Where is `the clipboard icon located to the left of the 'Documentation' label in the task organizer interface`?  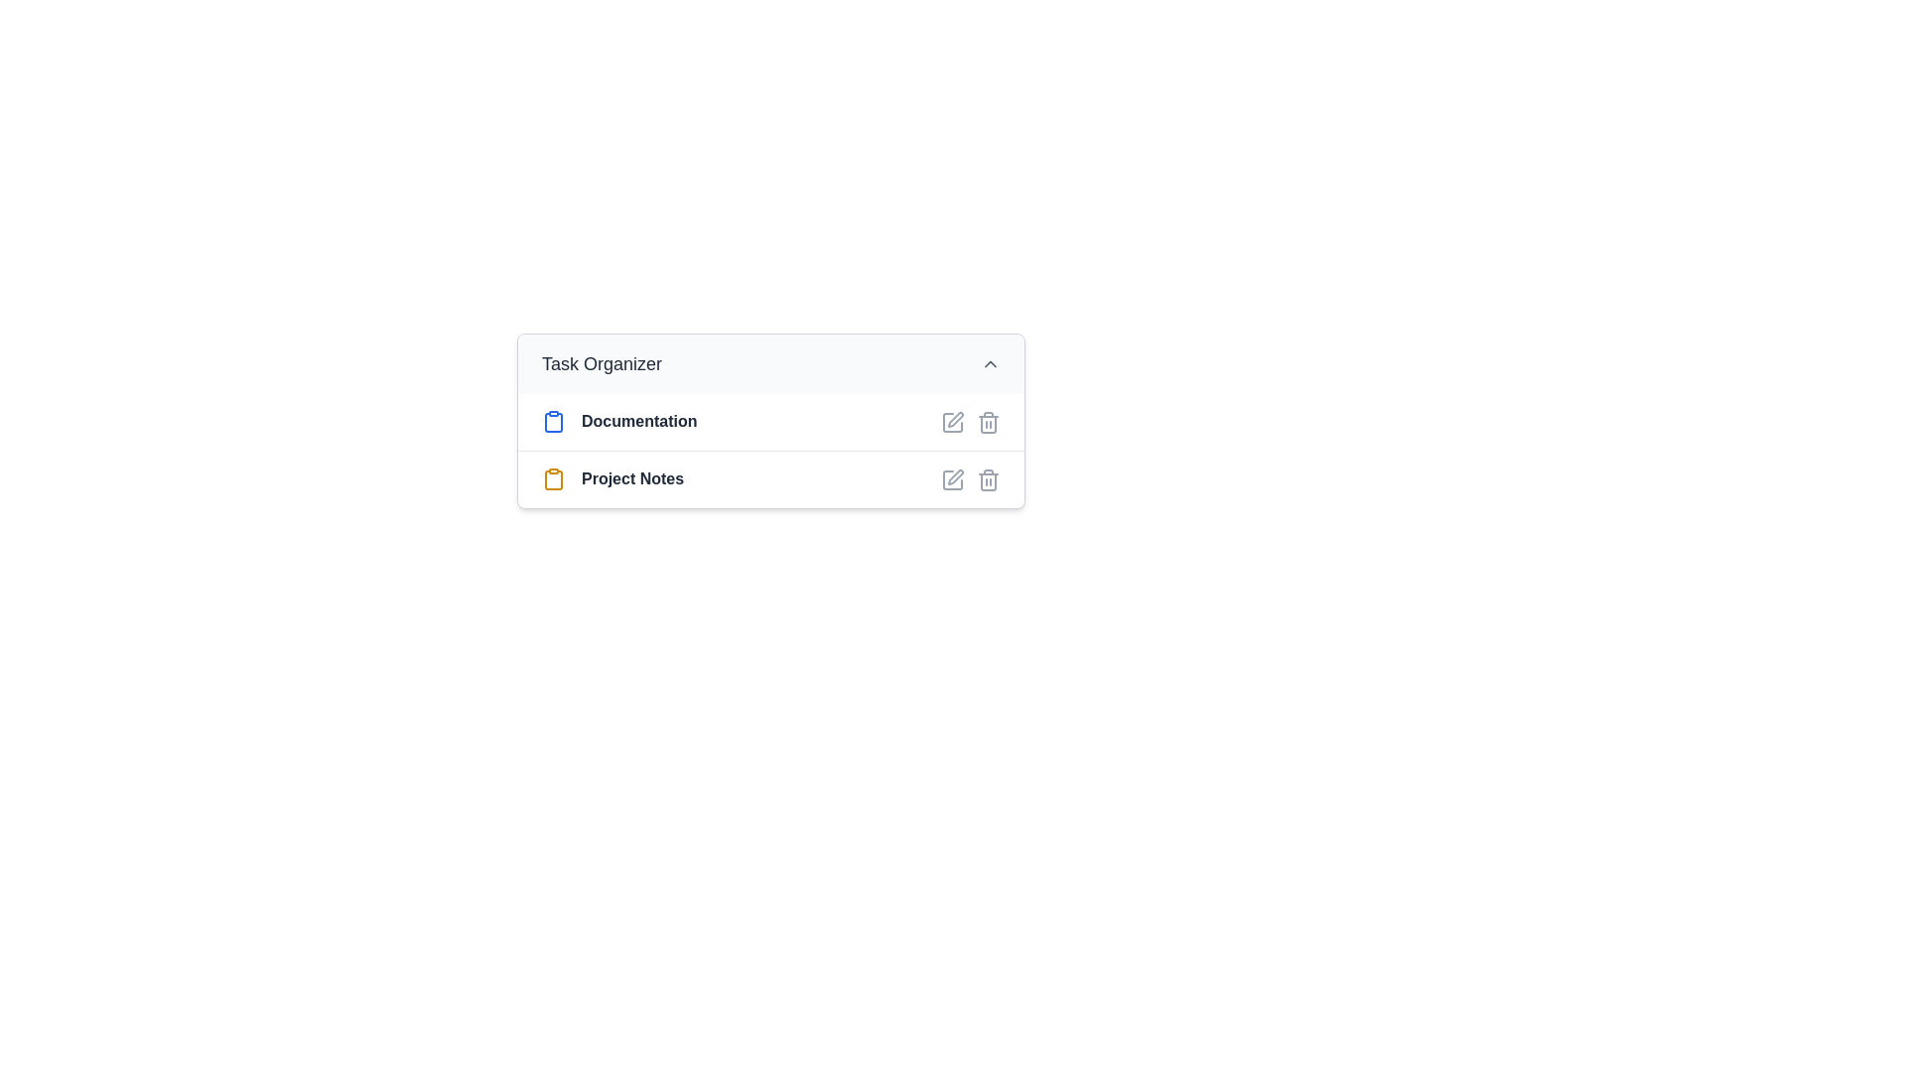
the clipboard icon located to the left of the 'Documentation' label in the task organizer interface is located at coordinates (553, 420).